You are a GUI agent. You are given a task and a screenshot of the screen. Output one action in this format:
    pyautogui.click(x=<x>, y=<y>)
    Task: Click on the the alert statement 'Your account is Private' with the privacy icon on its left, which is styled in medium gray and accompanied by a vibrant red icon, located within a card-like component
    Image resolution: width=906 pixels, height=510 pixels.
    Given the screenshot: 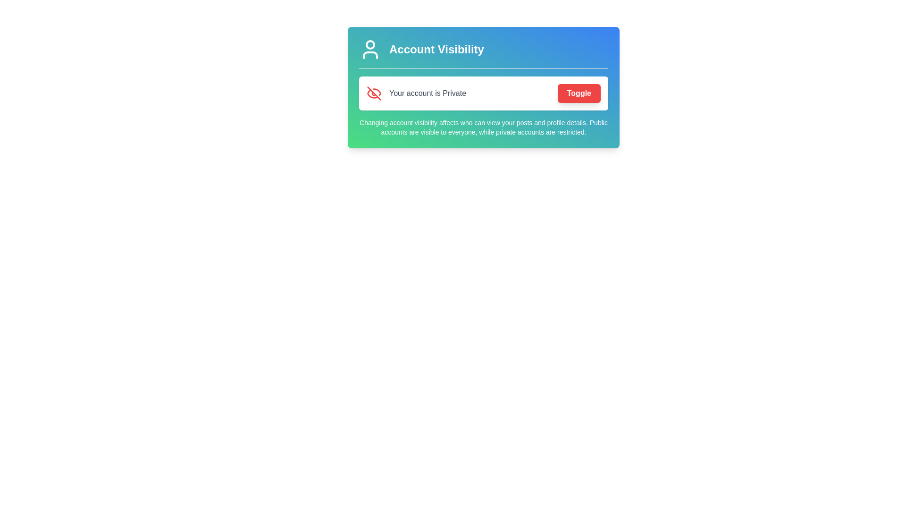 What is the action you would take?
    pyautogui.click(x=416, y=93)
    